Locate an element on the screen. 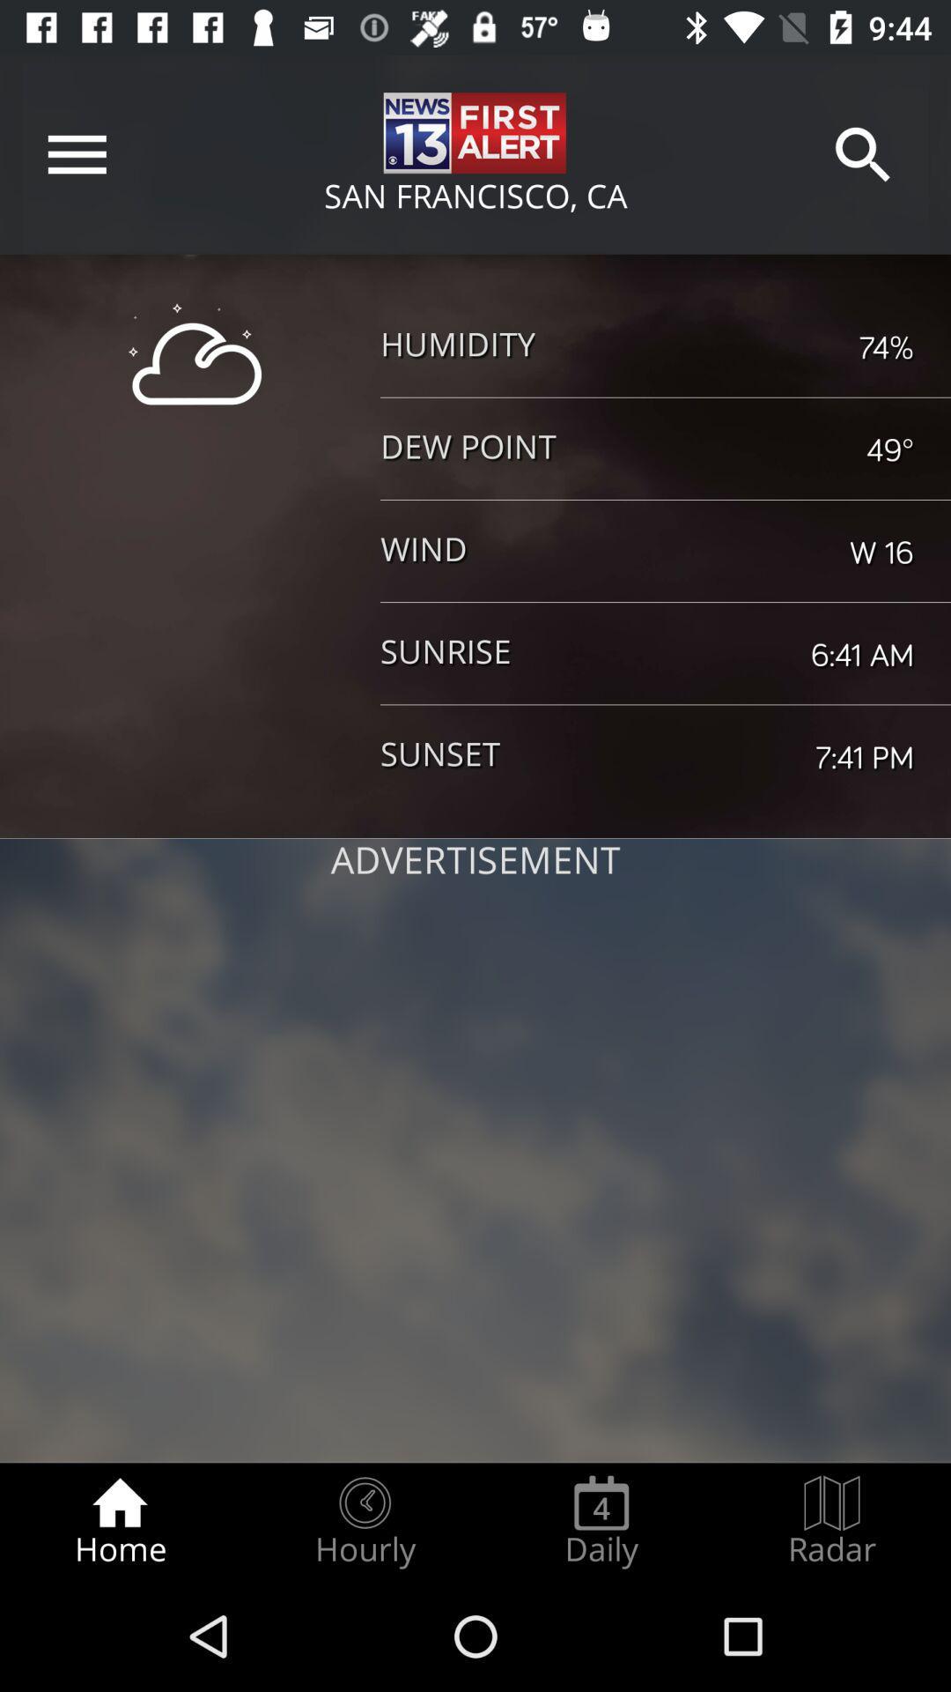  the radar is located at coordinates (832, 1521).